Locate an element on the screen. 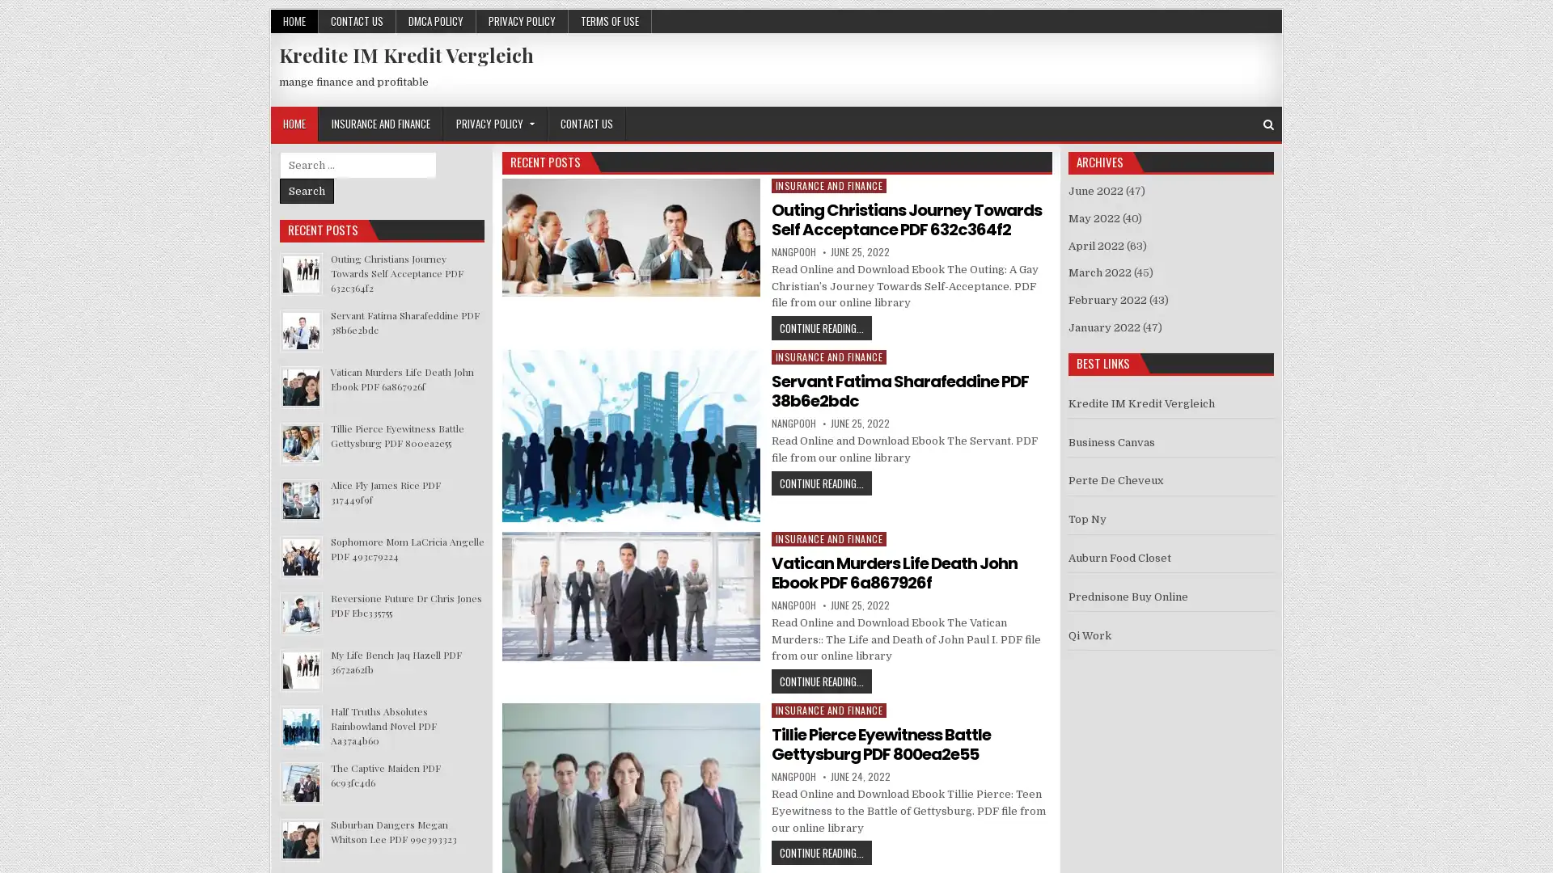  Search is located at coordinates (306, 190).